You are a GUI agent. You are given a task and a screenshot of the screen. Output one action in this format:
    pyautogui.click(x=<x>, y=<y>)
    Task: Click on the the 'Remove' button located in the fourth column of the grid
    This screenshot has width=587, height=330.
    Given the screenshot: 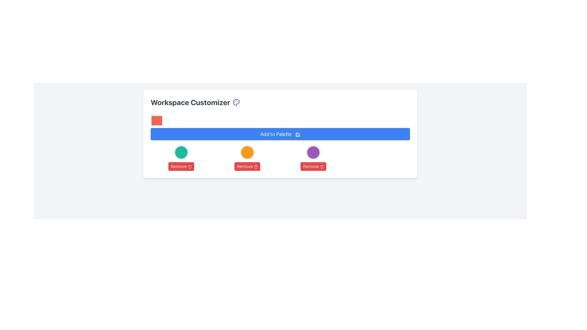 What is the action you would take?
    pyautogui.click(x=313, y=157)
    